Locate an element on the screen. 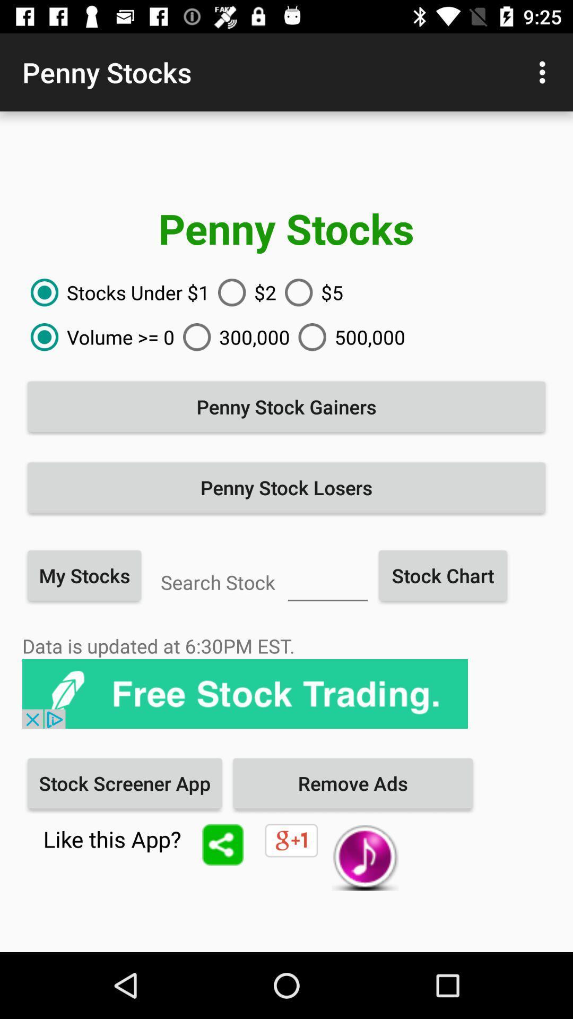 The width and height of the screenshot is (573, 1019). share app is located at coordinates (222, 844).